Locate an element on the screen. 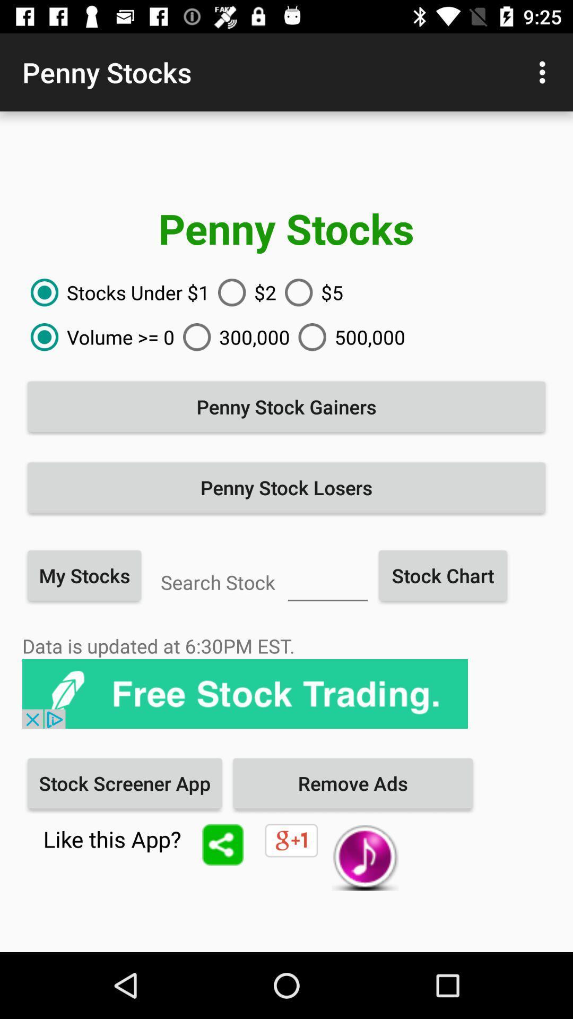 The width and height of the screenshot is (573, 1019). share app is located at coordinates (222, 844).